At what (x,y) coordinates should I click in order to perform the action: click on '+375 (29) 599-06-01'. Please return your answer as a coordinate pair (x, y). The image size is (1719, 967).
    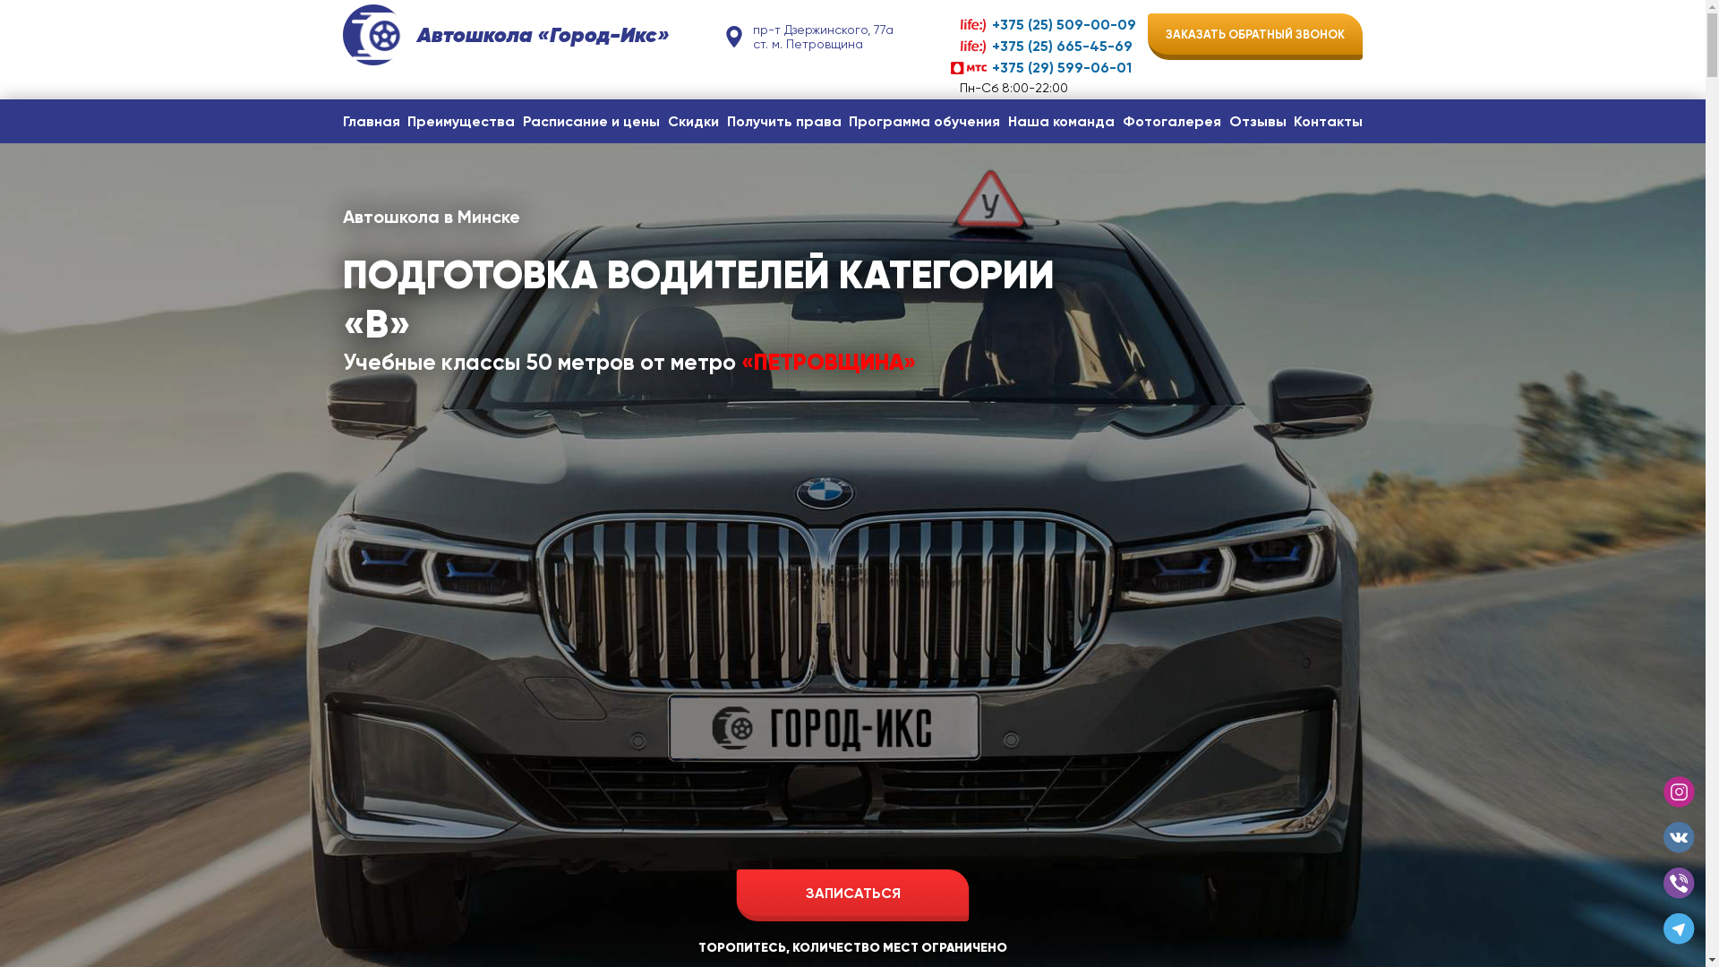
    Looking at the image, I should click on (1043, 66).